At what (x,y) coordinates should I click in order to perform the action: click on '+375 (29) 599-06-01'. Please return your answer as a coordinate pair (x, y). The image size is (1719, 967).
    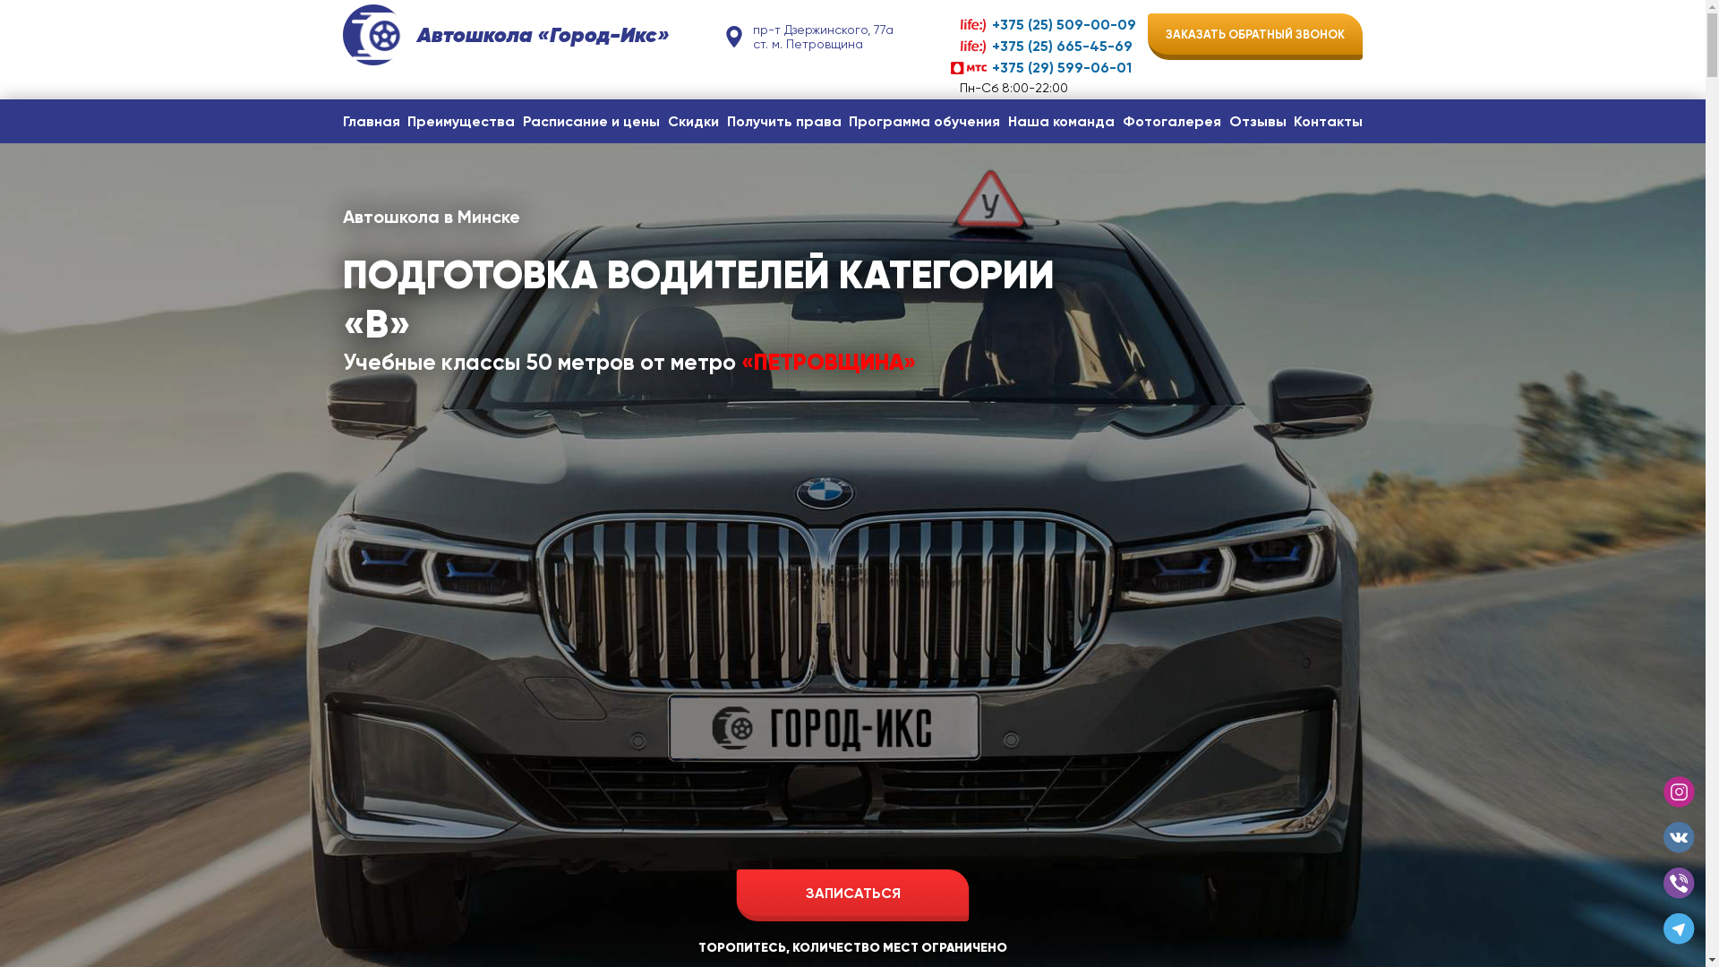
    Looking at the image, I should click on (1043, 66).